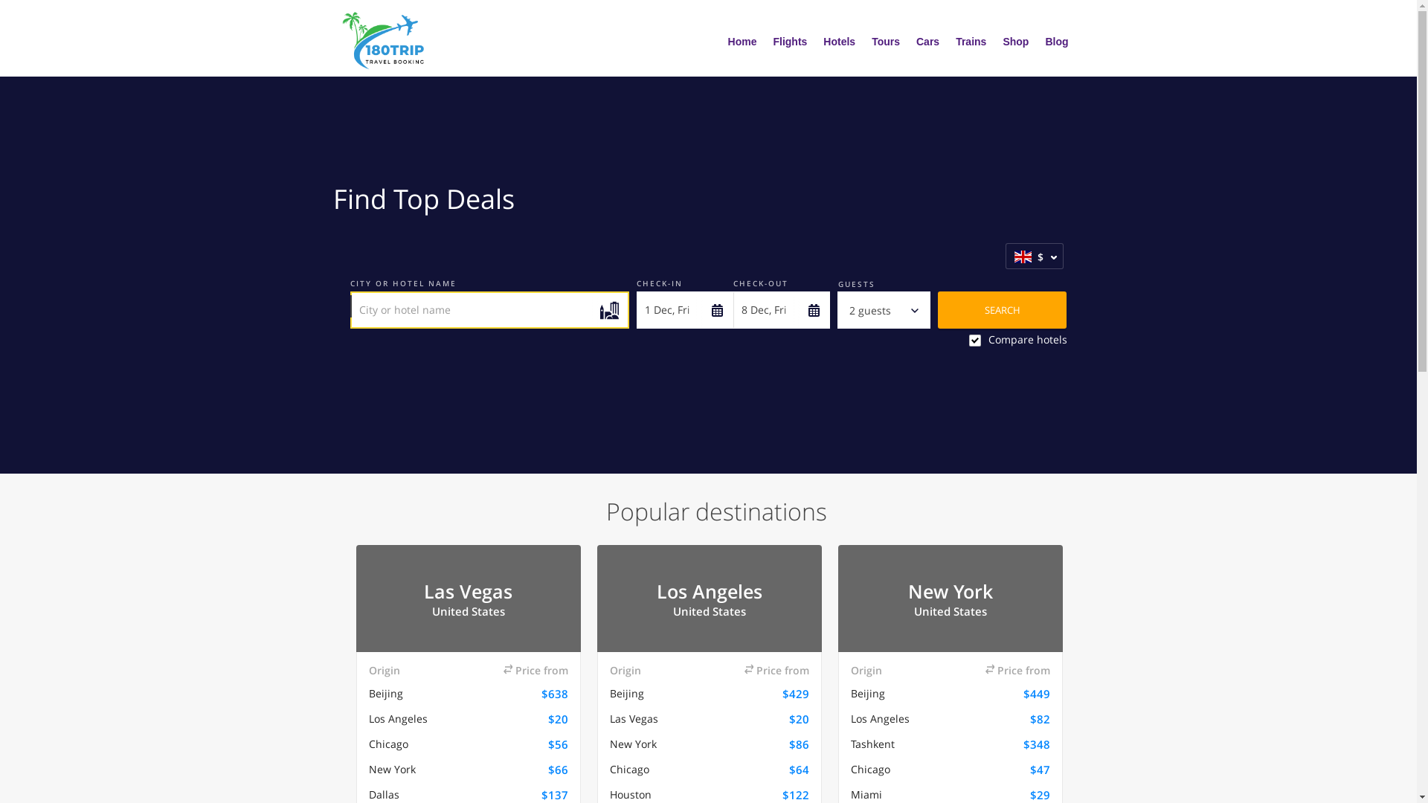 Image resolution: width=1428 pixels, height=803 pixels. What do you see at coordinates (1055, 42) in the screenshot?
I see `'Blog'` at bounding box center [1055, 42].